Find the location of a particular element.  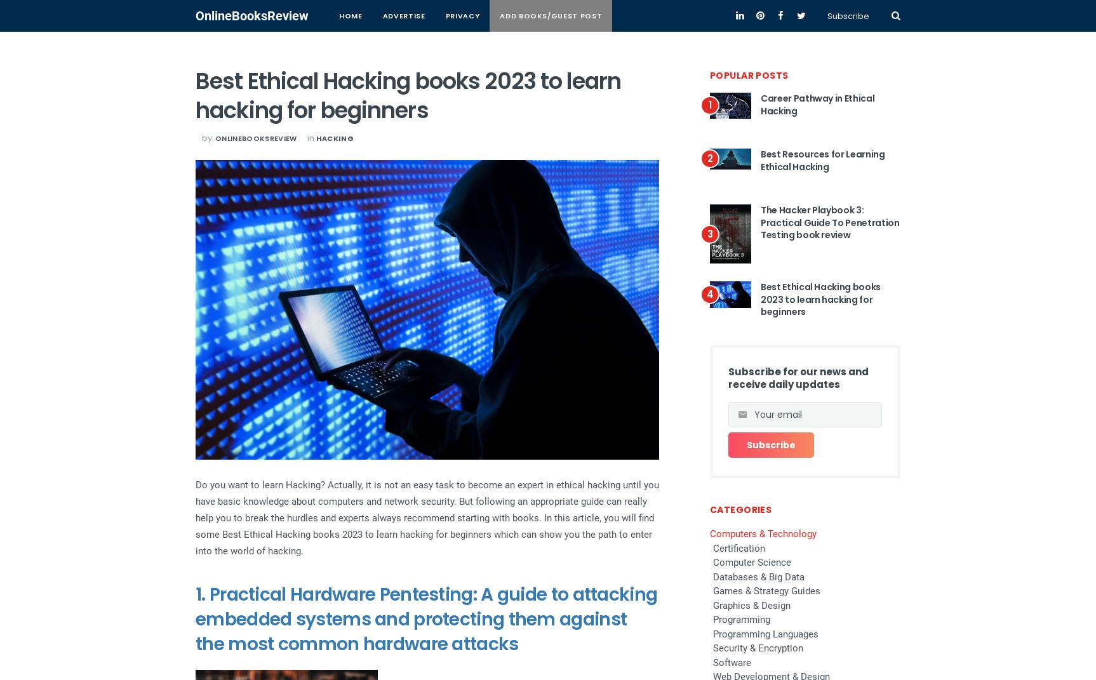

'Software' is located at coordinates (731, 662).